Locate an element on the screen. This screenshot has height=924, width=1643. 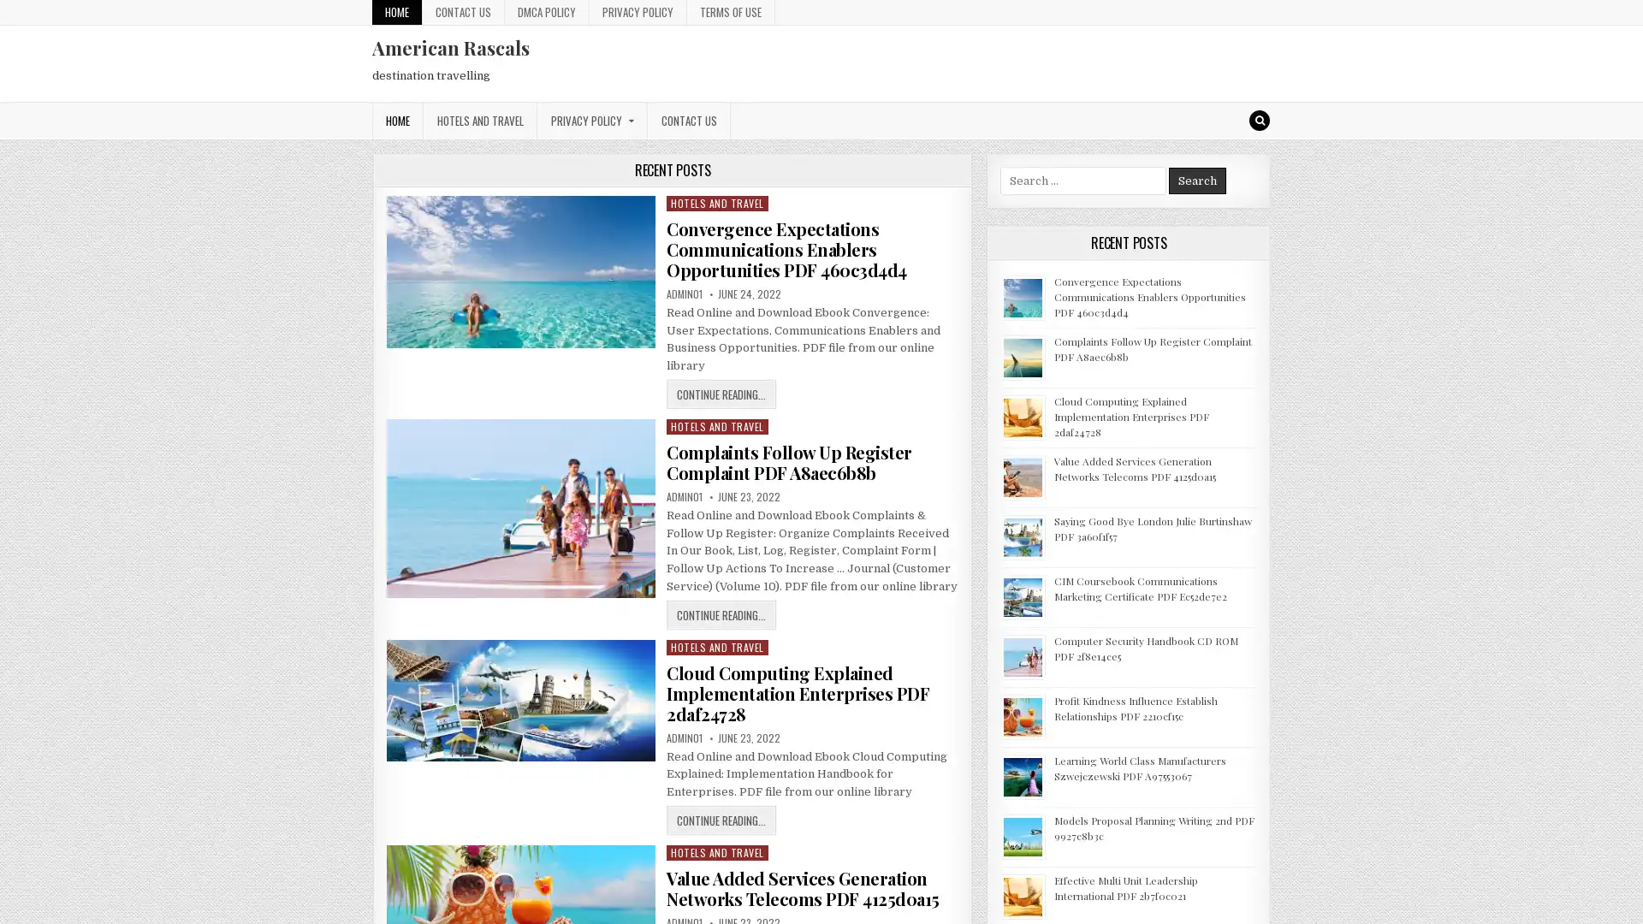
Search is located at coordinates (1196, 181).